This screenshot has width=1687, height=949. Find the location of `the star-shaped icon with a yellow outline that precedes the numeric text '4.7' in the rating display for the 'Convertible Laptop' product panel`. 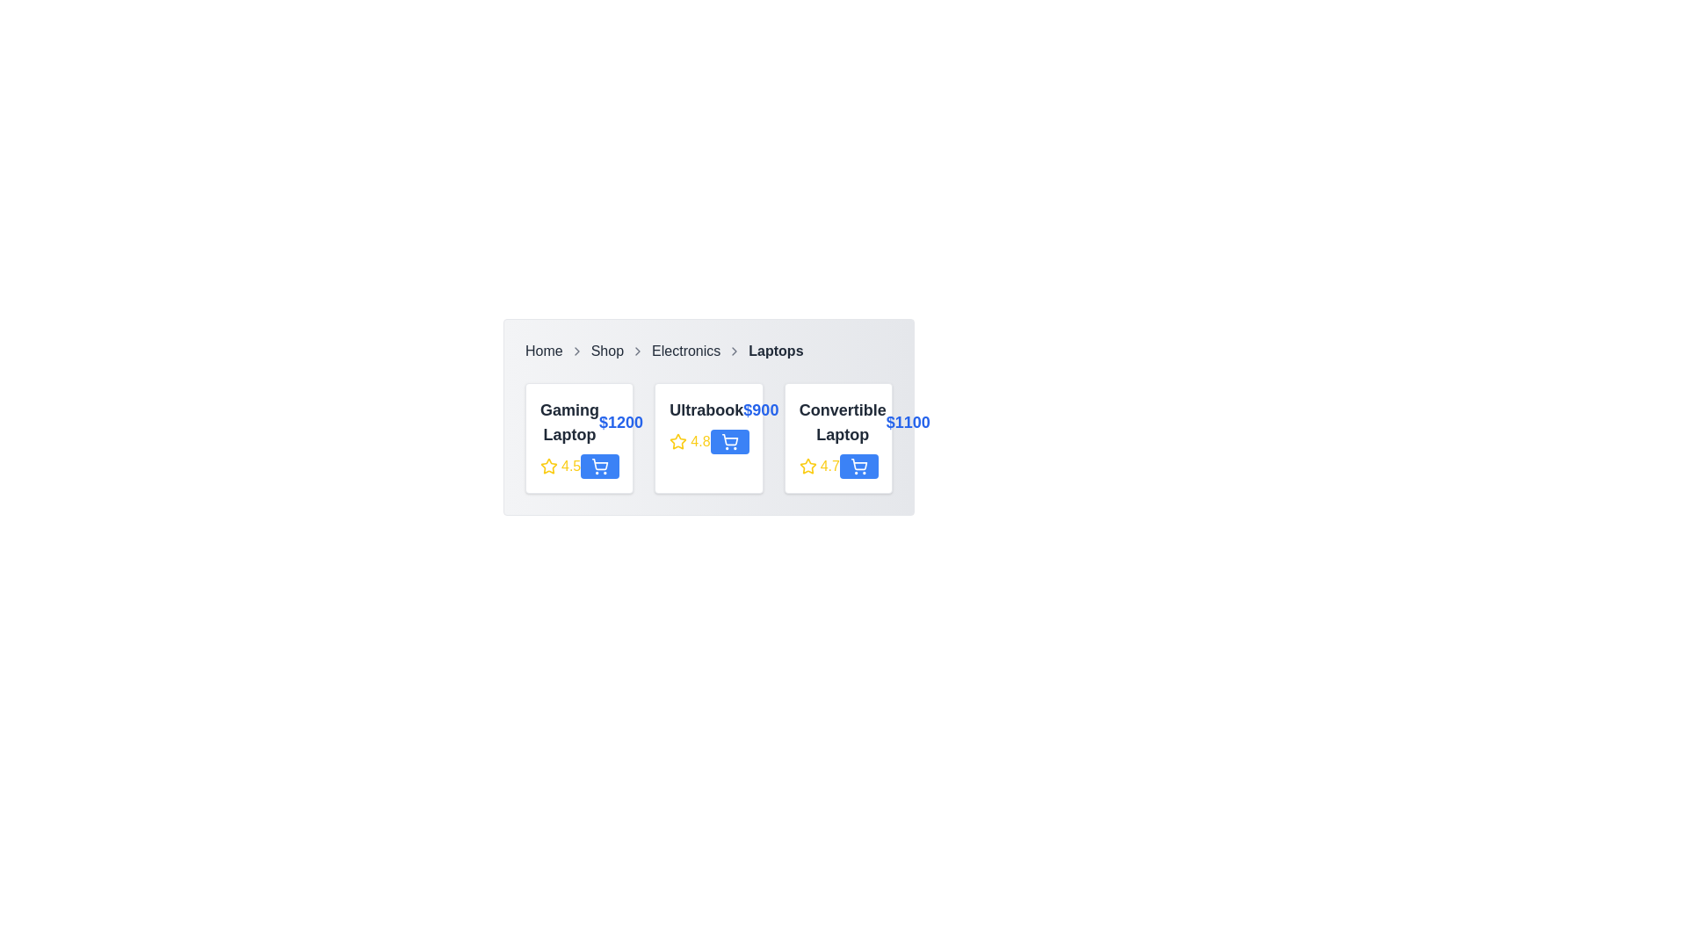

the star-shaped icon with a yellow outline that precedes the numeric text '4.7' in the rating display for the 'Convertible Laptop' product panel is located at coordinates (807, 466).